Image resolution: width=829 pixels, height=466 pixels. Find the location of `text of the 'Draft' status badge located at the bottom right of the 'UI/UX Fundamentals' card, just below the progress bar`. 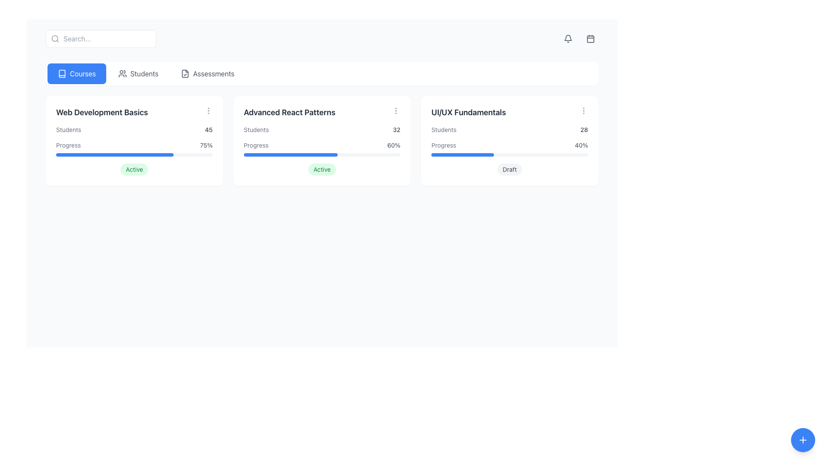

text of the 'Draft' status badge located at the bottom right of the 'UI/UX Fundamentals' card, just below the progress bar is located at coordinates (509, 170).